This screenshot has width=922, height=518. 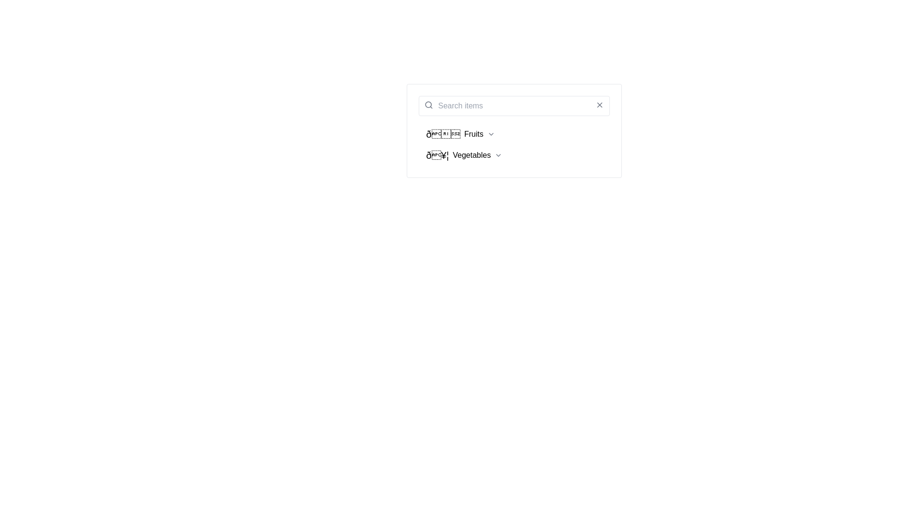 I want to click on the close icon button, represented by an 'X' symbol, to clear the input field located at the right of the search input field, so click(x=599, y=105).